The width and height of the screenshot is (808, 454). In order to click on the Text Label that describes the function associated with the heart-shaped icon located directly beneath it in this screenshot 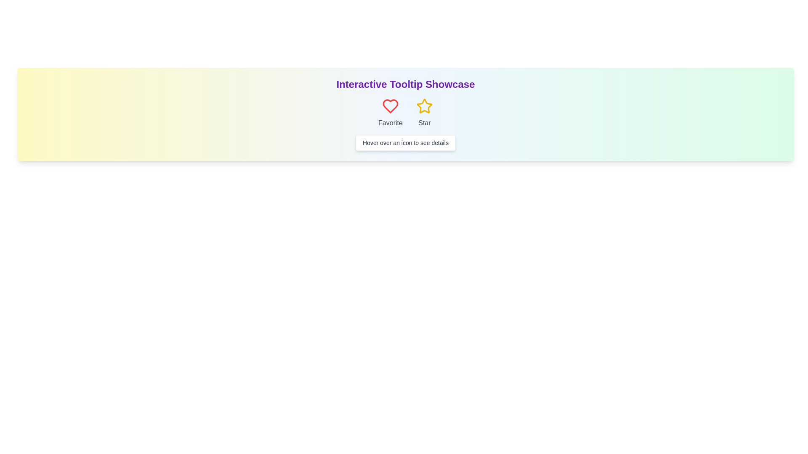, I will do `click(390, 123)`.